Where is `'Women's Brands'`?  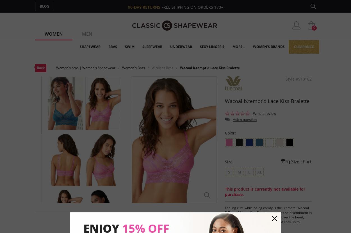
'Women's Brands' is located at coordinates (268, 47).